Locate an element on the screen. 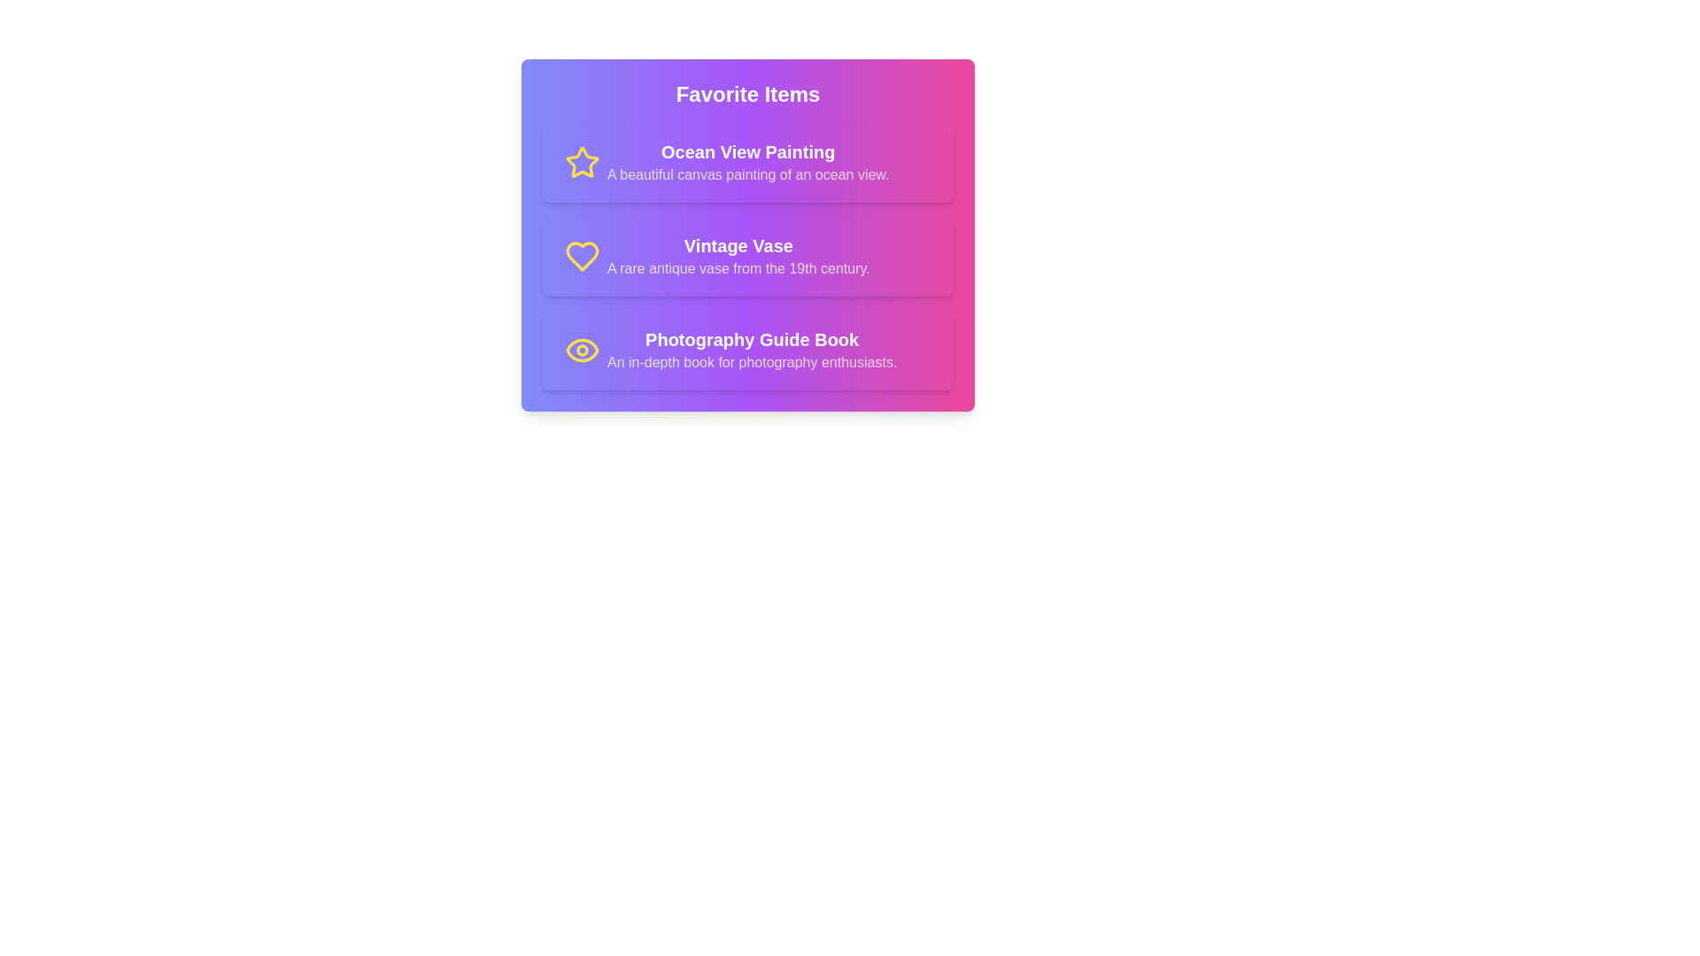 The height and width of the screenshot is (956, 1700). the item Photography Guide Book from the list is located at coordinates (747, 351).